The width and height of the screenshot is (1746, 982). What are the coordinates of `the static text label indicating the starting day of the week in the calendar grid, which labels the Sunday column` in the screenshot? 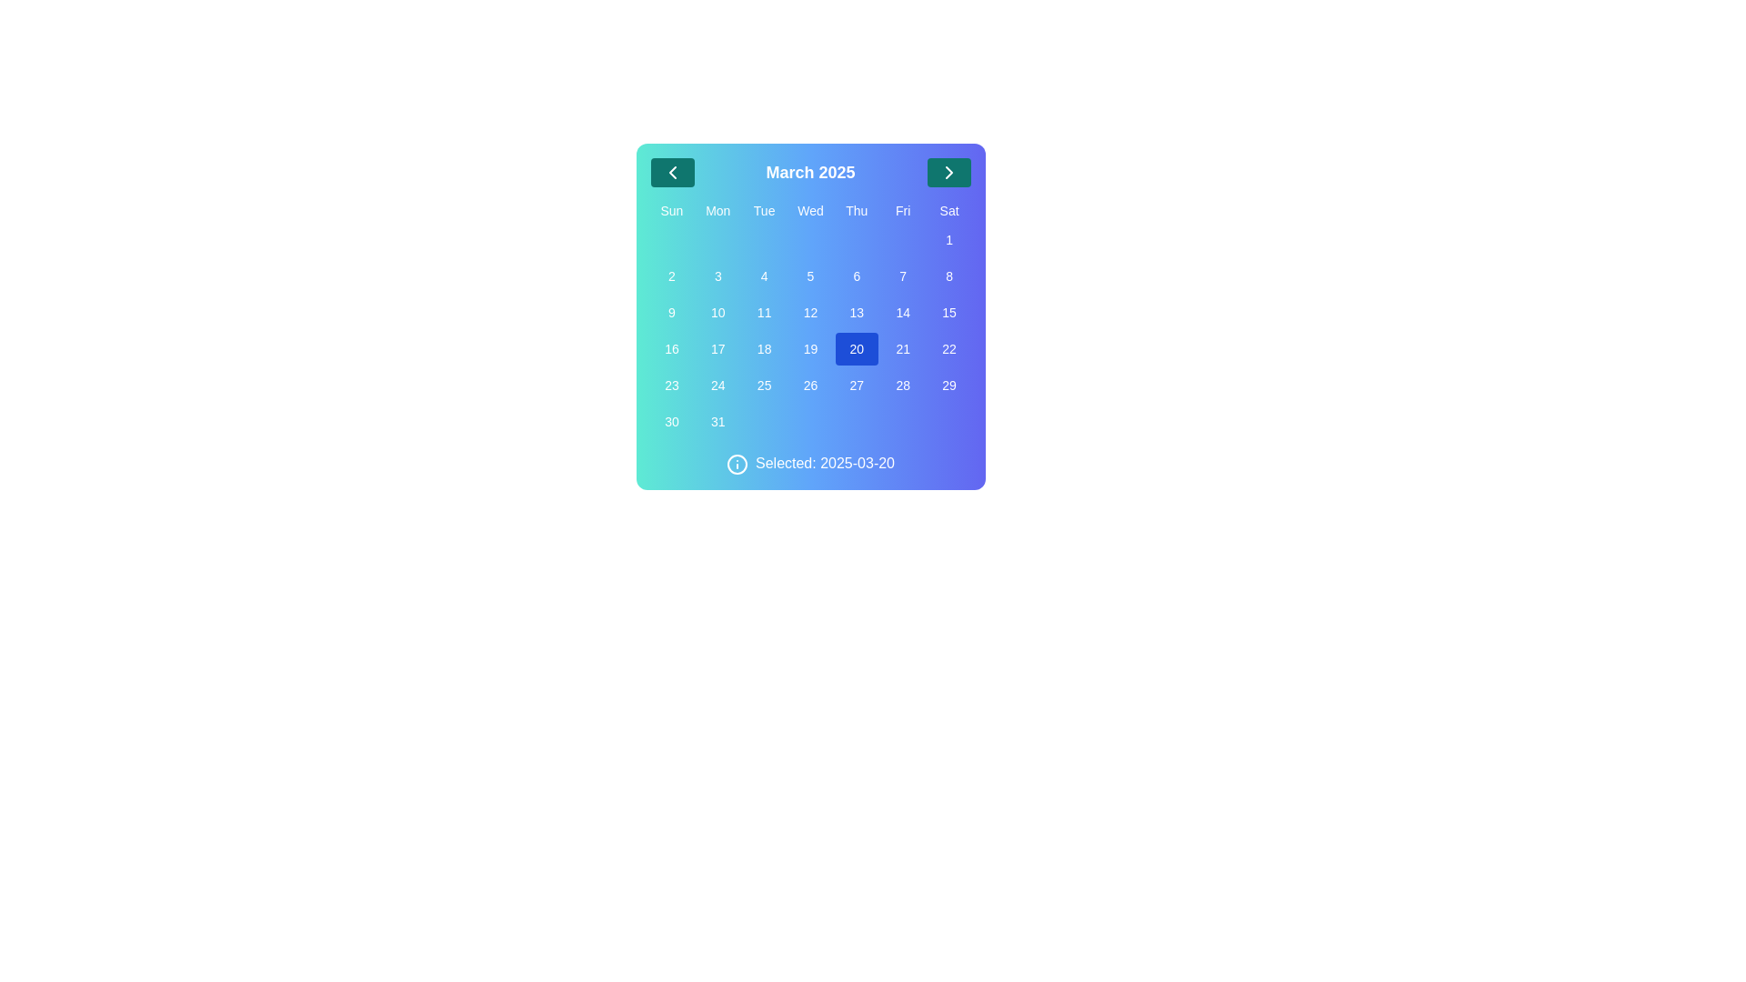 It's located at (671, 209).